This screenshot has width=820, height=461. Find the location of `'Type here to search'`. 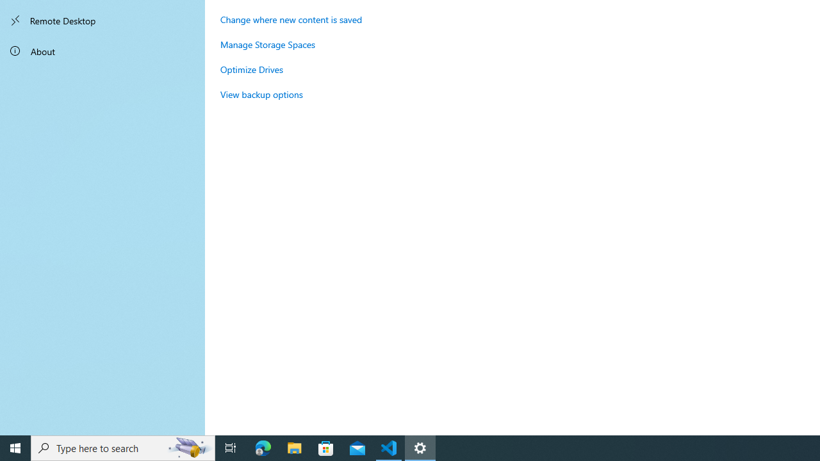

'Type here to search' is located at coordinates (123, 447).